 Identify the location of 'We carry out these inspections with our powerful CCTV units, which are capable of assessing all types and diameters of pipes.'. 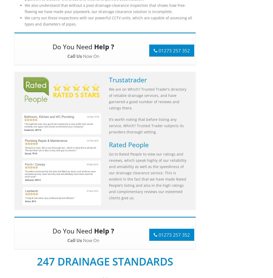
(25, 21).